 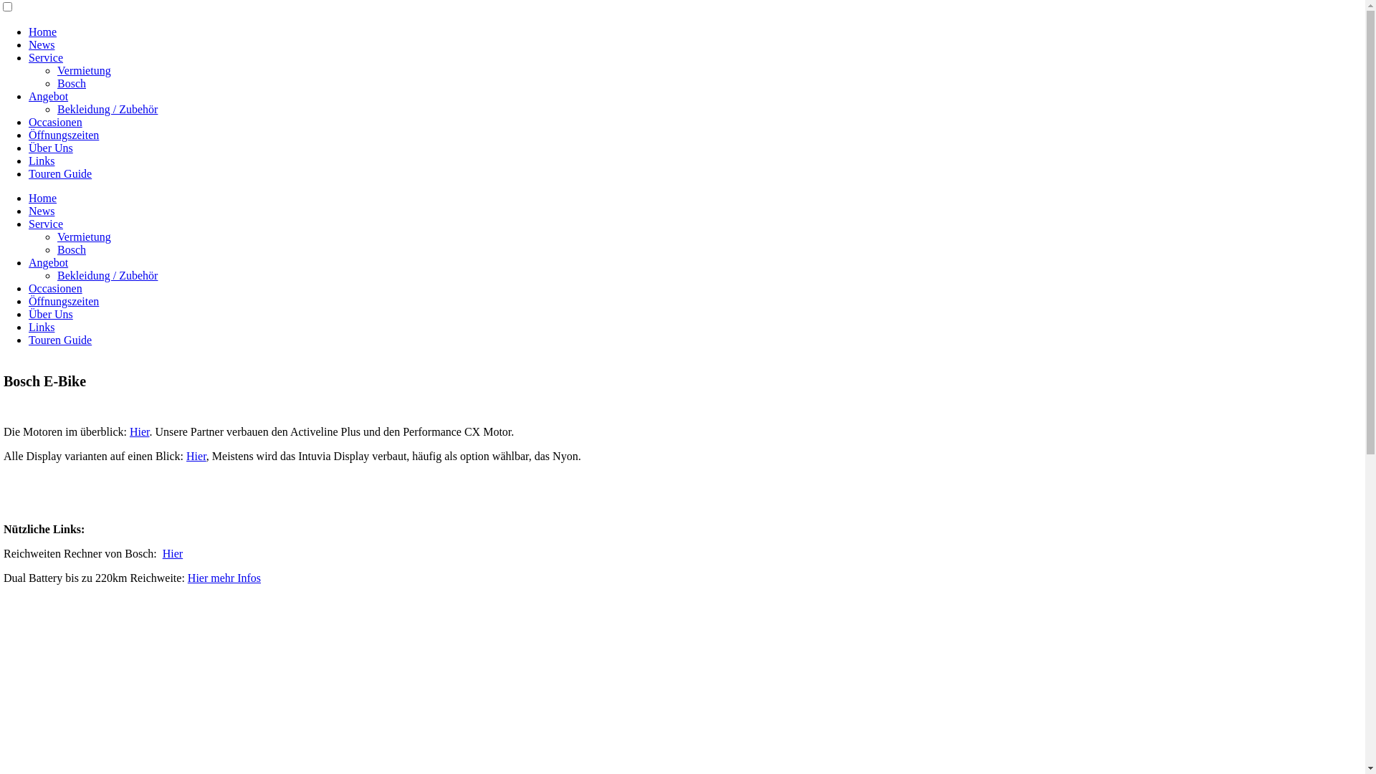 What do you see at coordinates (71, 249) in the screenshot?
I see `'Bosch'` at bounding box center [71, 249].